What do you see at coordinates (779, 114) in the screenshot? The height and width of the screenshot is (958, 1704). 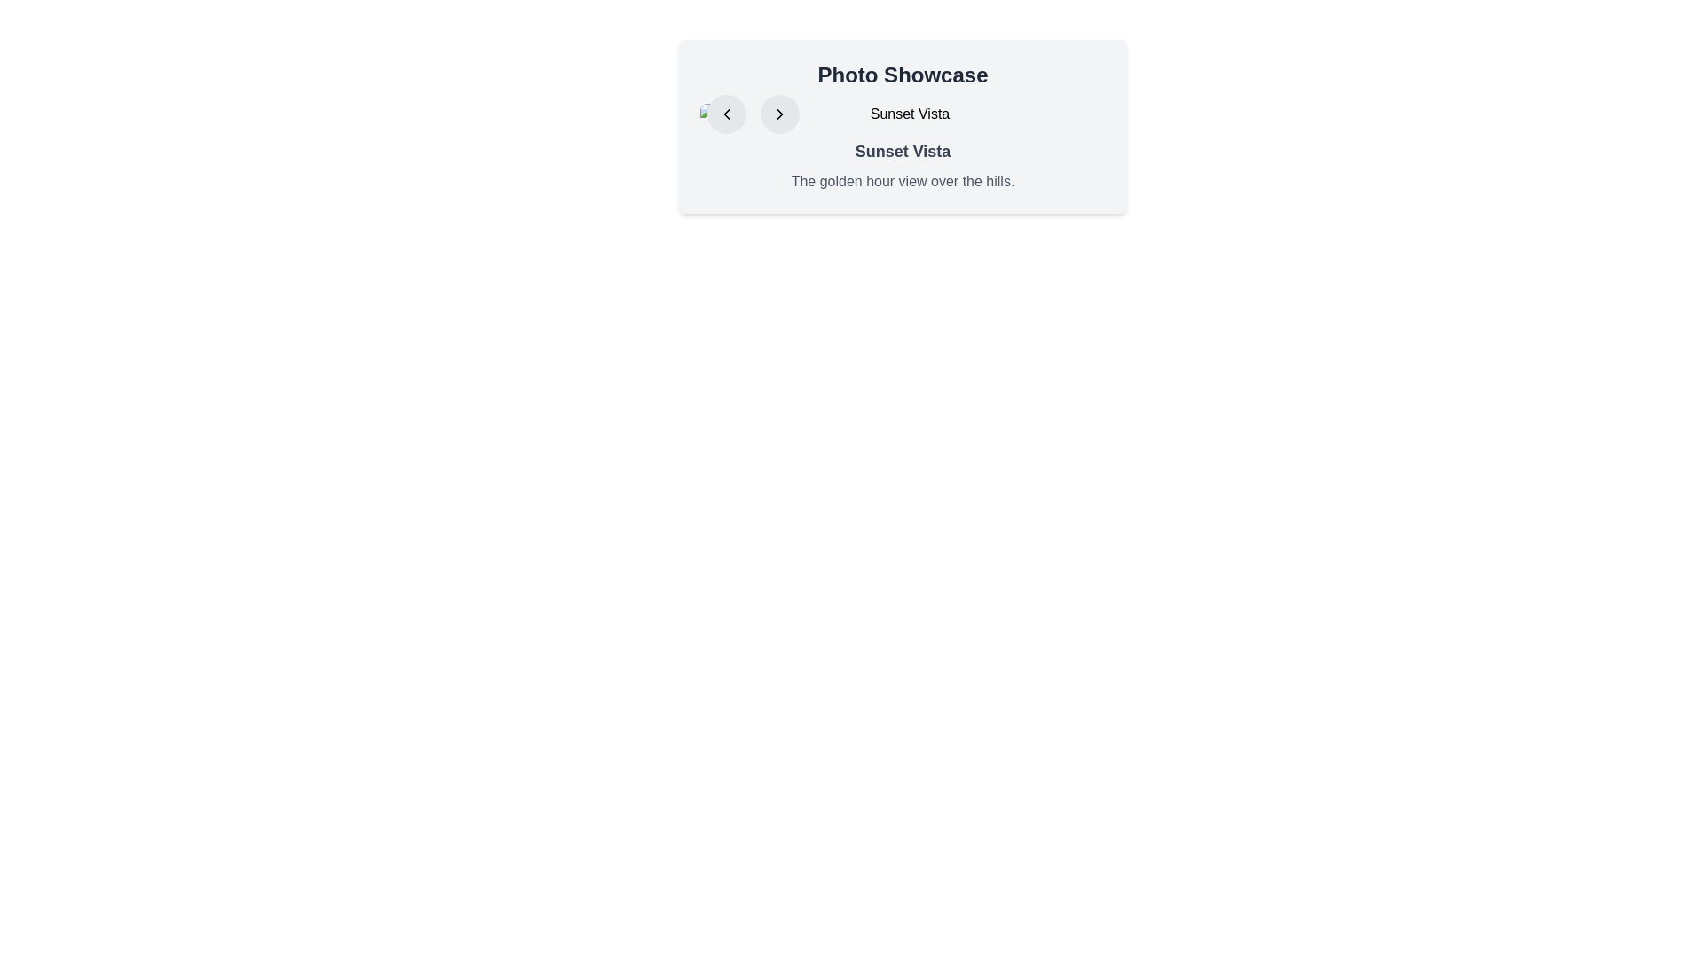 I see `the navigation button that is the second interactive button from the left, positioned to the right of the left-facing chevron button, above the 'Sunset Vista' content` at bounding box center [779, 114].